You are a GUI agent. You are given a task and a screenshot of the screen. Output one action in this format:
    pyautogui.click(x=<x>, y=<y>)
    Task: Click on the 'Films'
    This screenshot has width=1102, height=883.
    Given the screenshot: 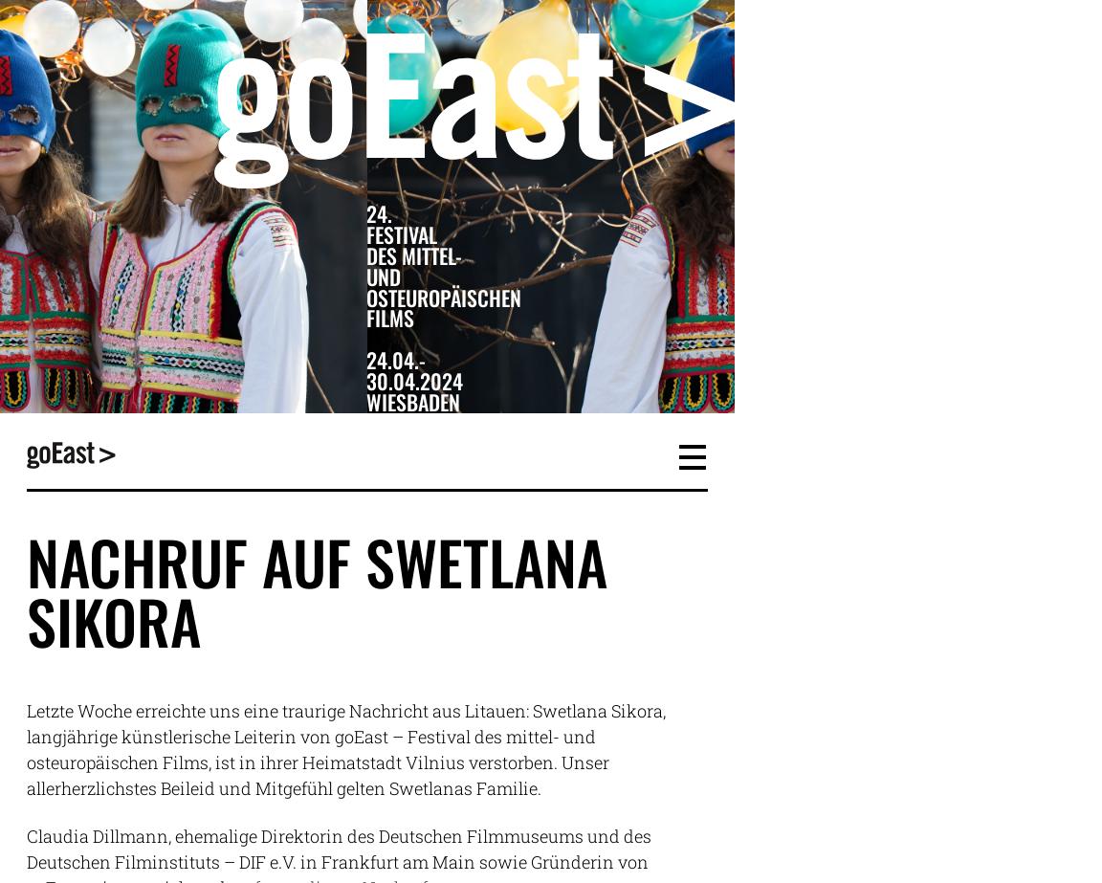 What is the action you would take?
    pyautogui.click(x=389, y=318)
    